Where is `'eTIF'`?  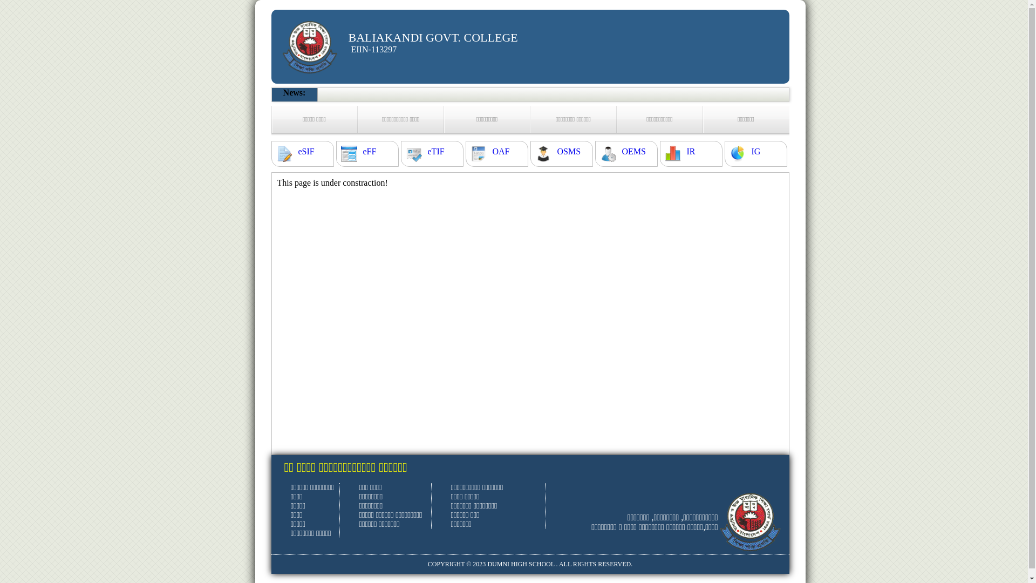
'eTIF' is located at coordinates (435, 152).